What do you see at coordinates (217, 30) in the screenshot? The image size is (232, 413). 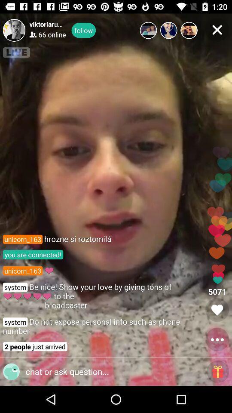 I see `the close icon` at bounding box center [217, 30].